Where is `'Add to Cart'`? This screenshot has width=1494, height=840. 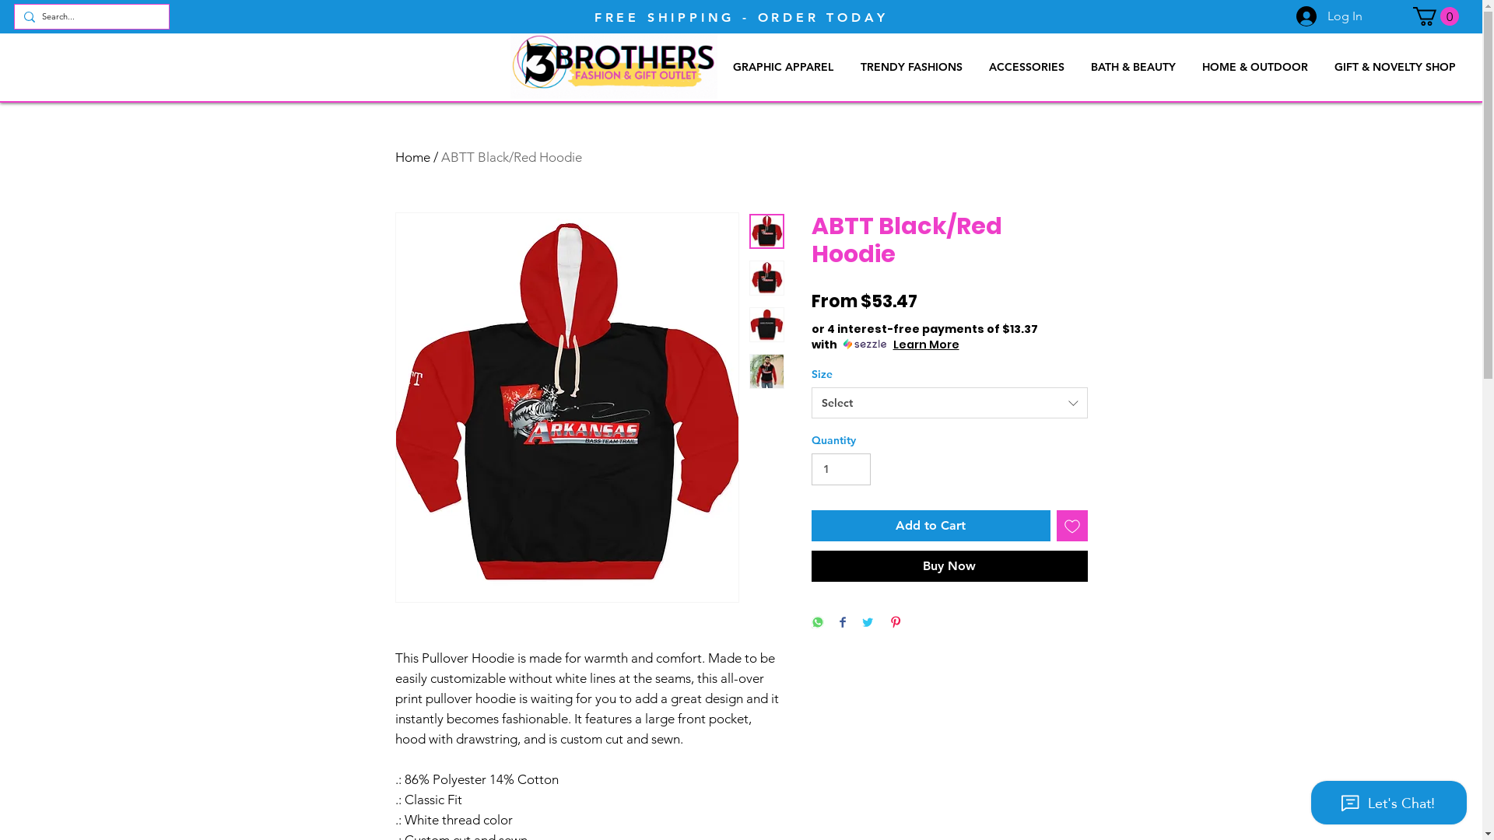
'Add to Cart' is located at coordinates (930, 525).